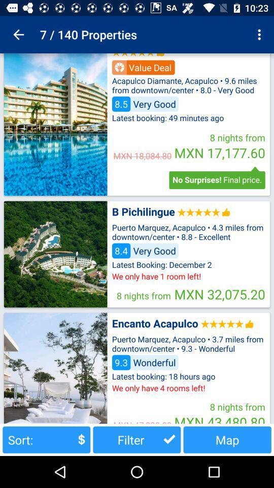 The height and width of the screenshot is (488, 274). I want to click on item next to map, so click(136, 439).